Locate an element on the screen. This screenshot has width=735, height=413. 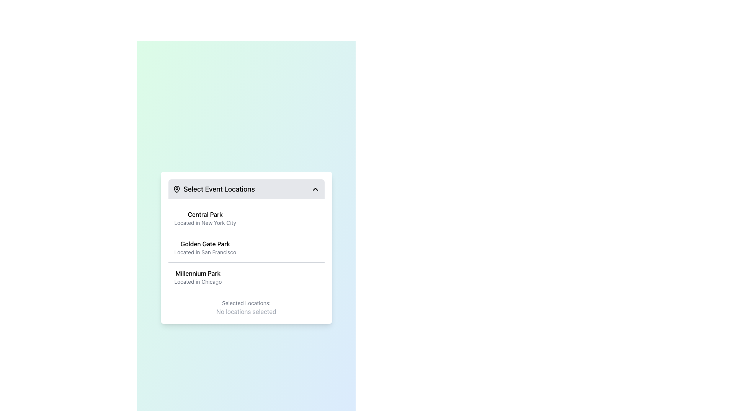
the first list item representing 'Central Park' in the dropdown titled 'Select Event Locations' is located at coordinates (246, 218).